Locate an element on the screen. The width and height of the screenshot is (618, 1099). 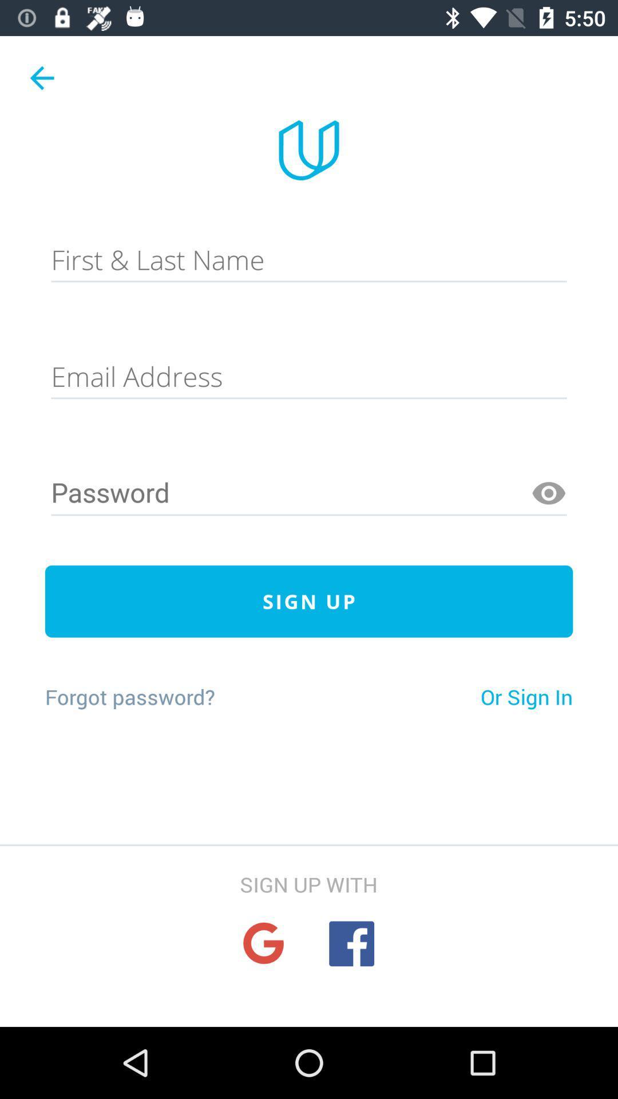
sign up using google is located at coordinates (263, 943).